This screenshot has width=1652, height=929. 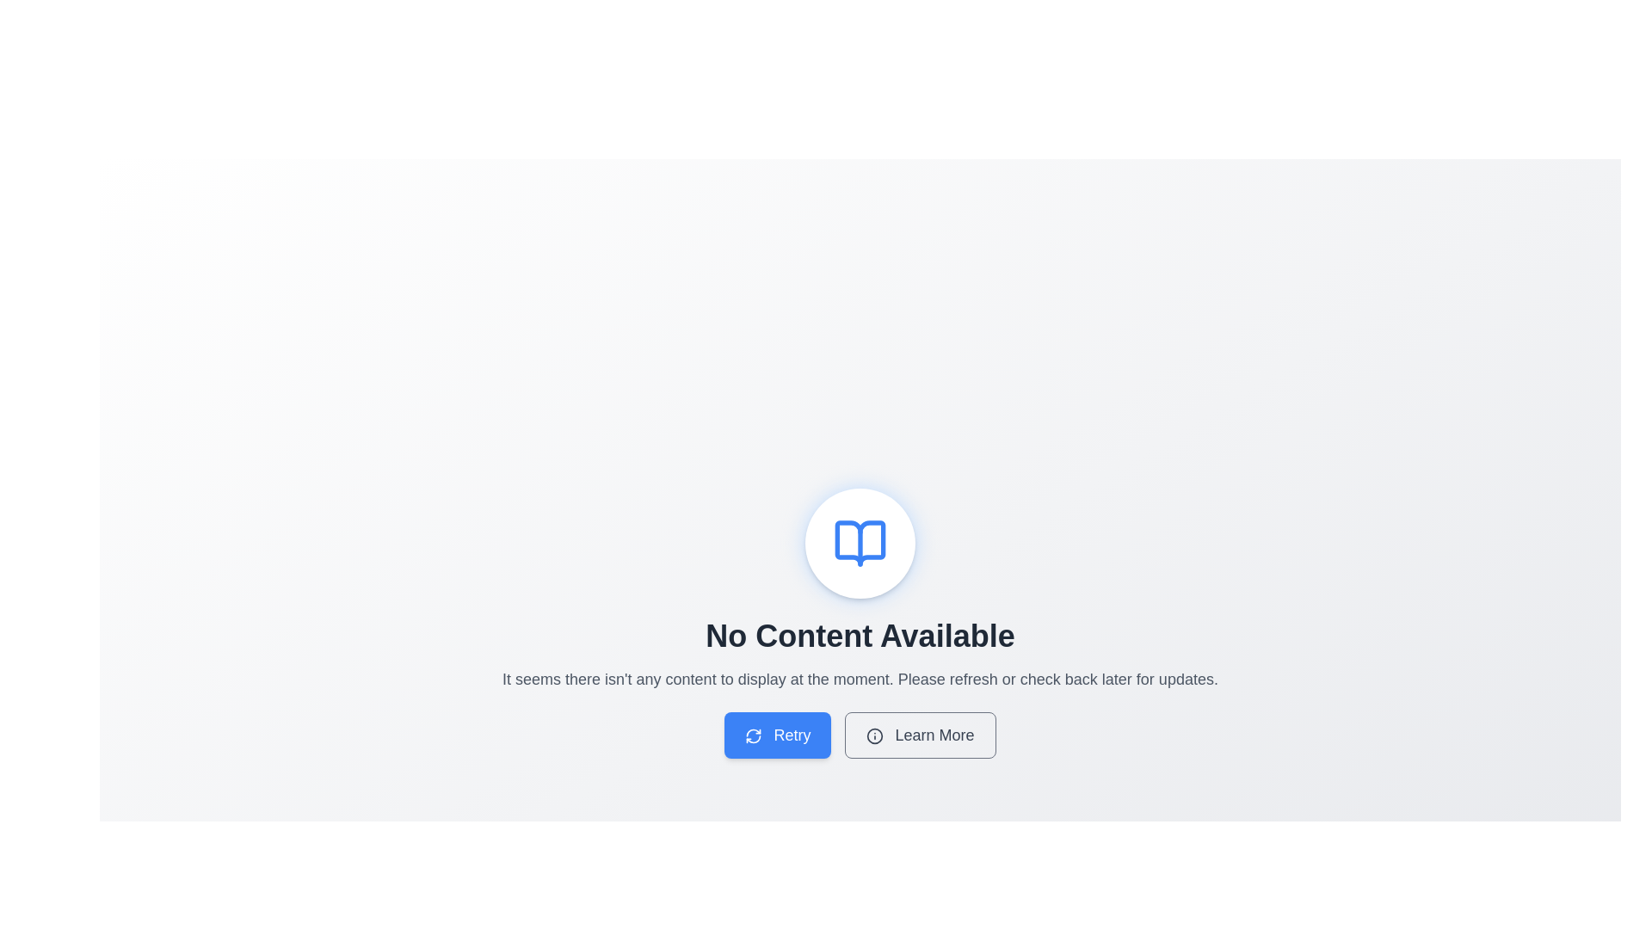 What do you see at coordinates (860, 637) in the screenshot?
I see `the text element that indicates no content is currently available, located centrally below an open book icon and above a smaller explanatory paragraph` at bounding box center [860, 637].